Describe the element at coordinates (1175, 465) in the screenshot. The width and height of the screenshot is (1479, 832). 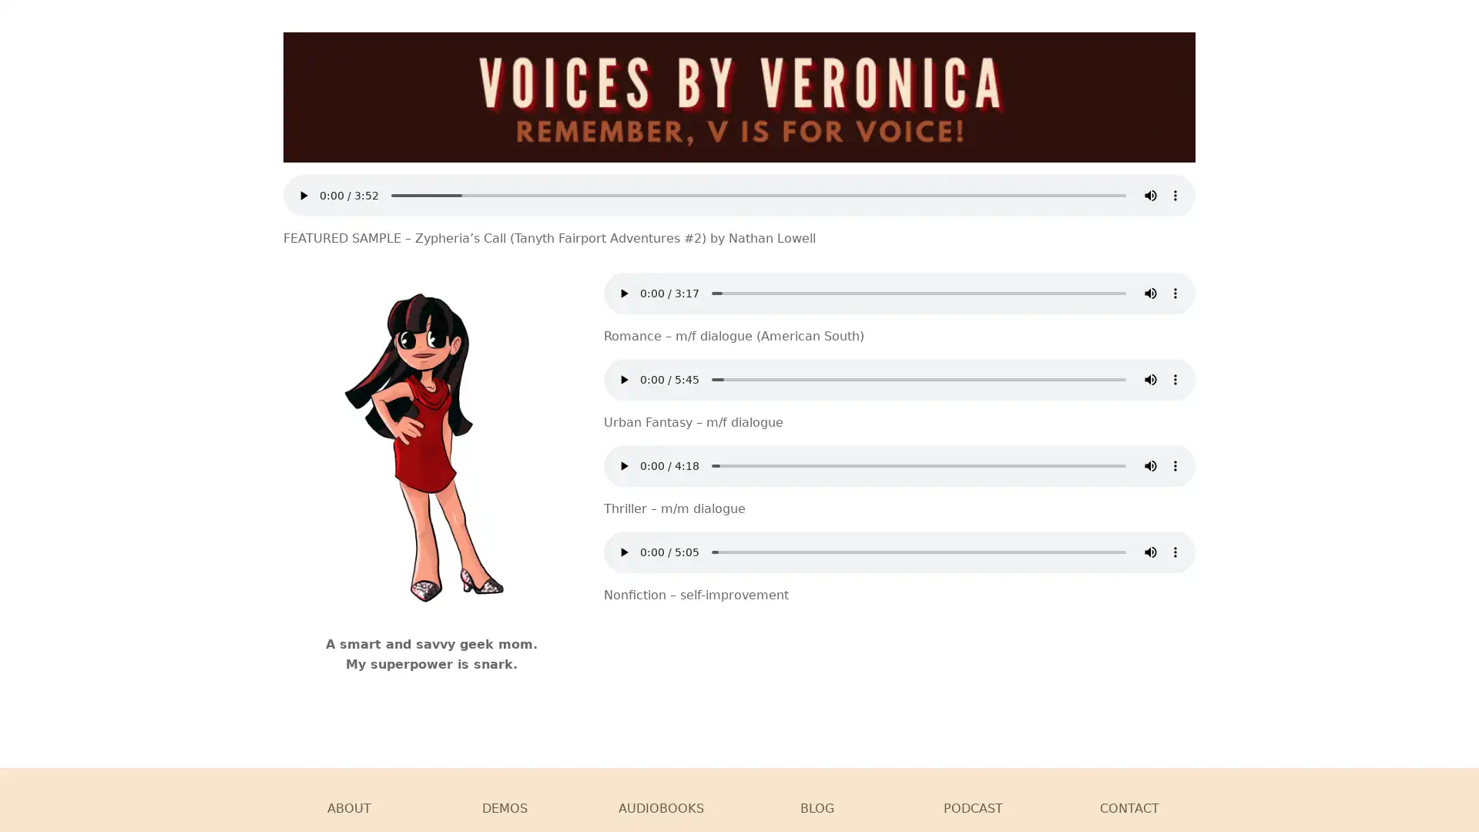
I see `show more media controls` at that location.